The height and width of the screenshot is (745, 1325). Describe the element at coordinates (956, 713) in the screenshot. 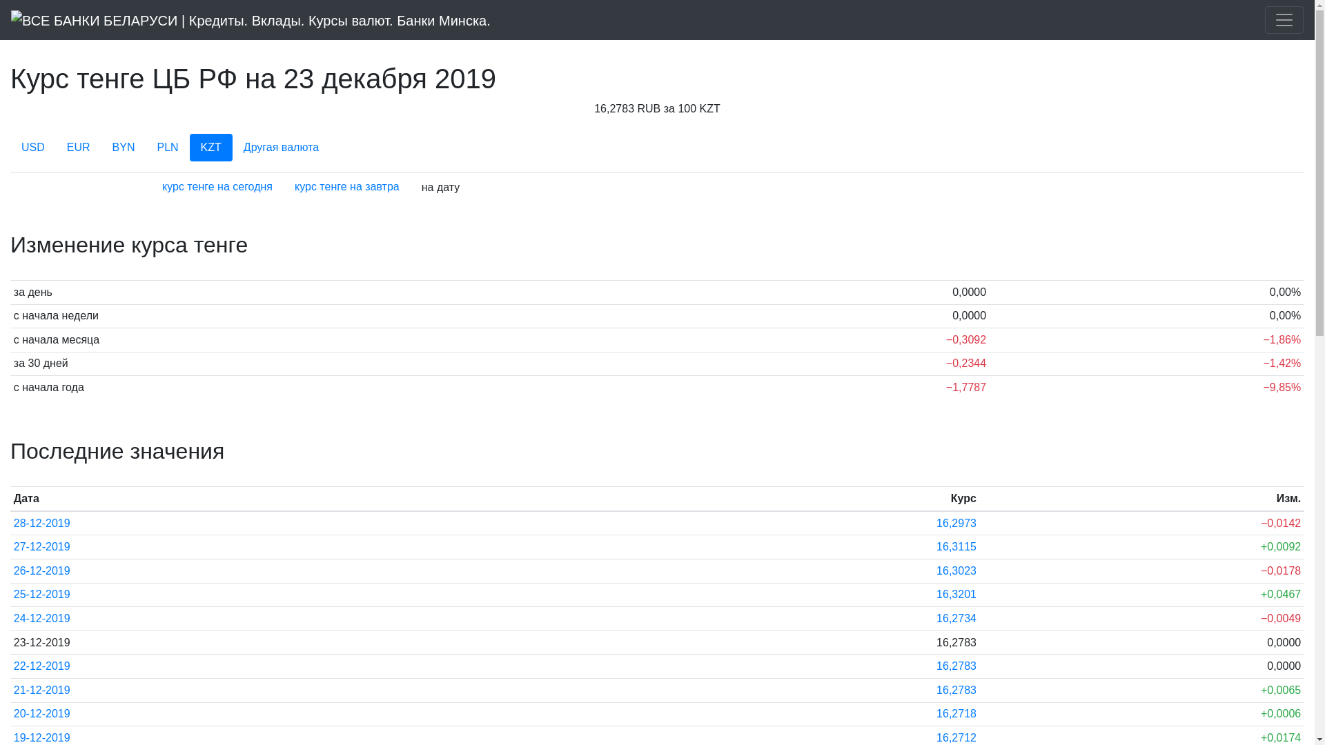

I see `'16,2718'` at that location.